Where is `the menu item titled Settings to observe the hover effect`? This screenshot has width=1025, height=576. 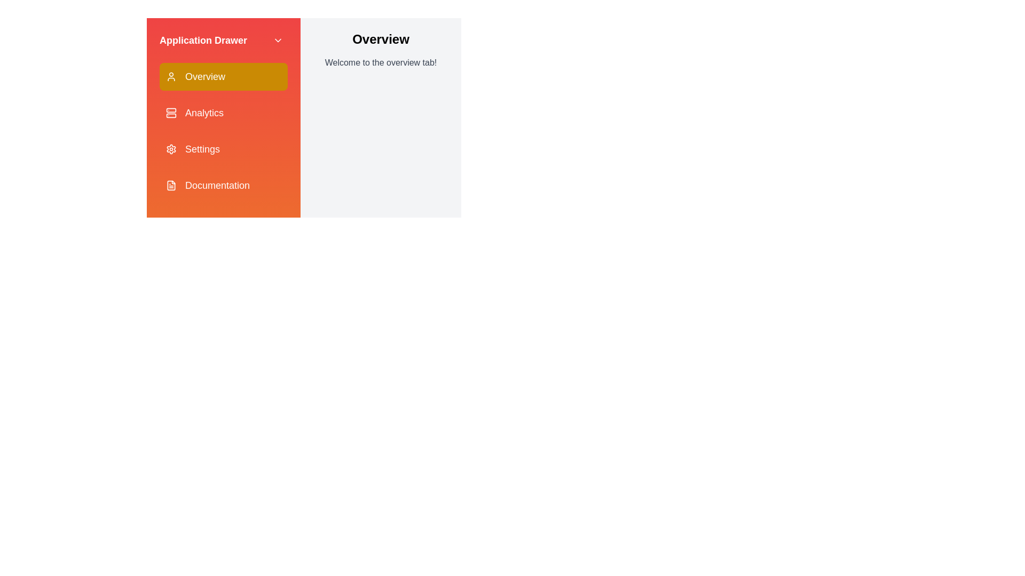
the menu item titled Settings to observe the hover effect is located at coordinates (223, 149).